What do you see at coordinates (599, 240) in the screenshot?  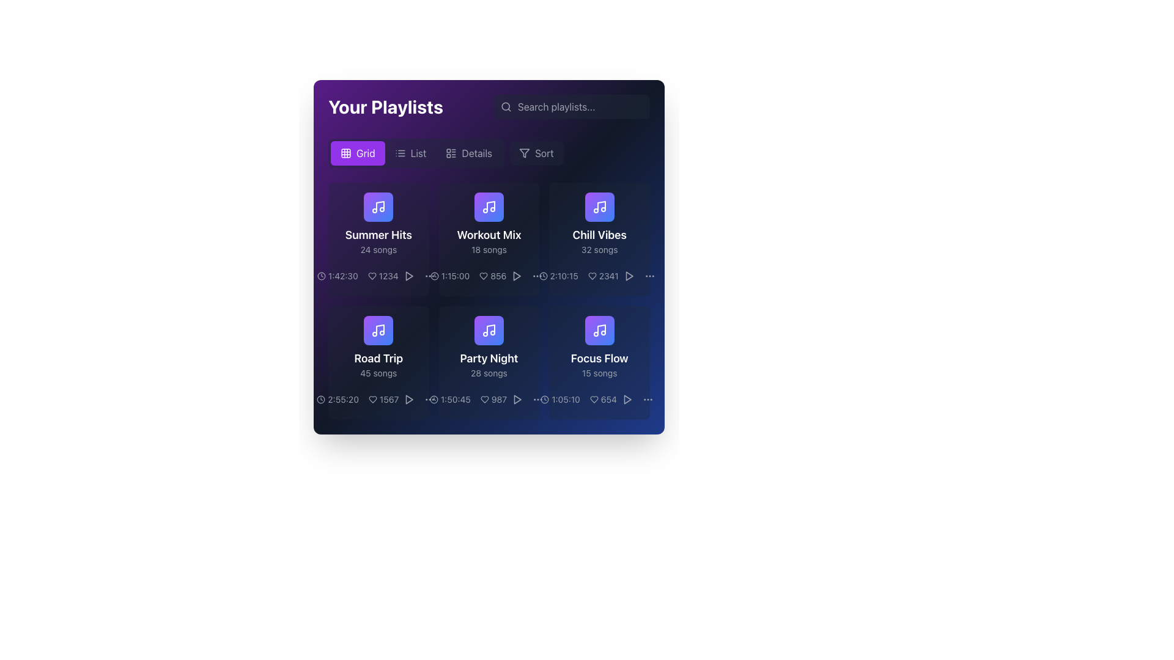 I see `the 'Chill Vibes' Playlist Card located in the second row and third column of the 'Your Playlists' section` at bounding box center [599, 240].